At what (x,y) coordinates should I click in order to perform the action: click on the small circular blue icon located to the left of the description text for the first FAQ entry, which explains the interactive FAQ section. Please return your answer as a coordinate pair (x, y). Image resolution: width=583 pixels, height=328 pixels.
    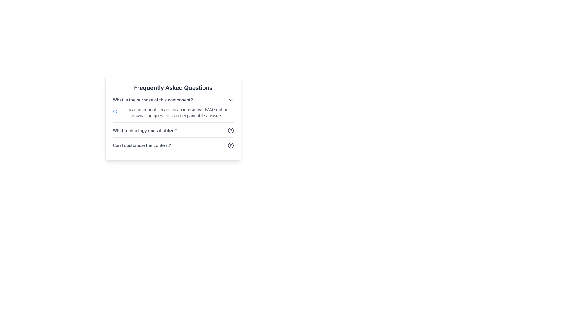
    Looking at the image, I should click on (115, 111).